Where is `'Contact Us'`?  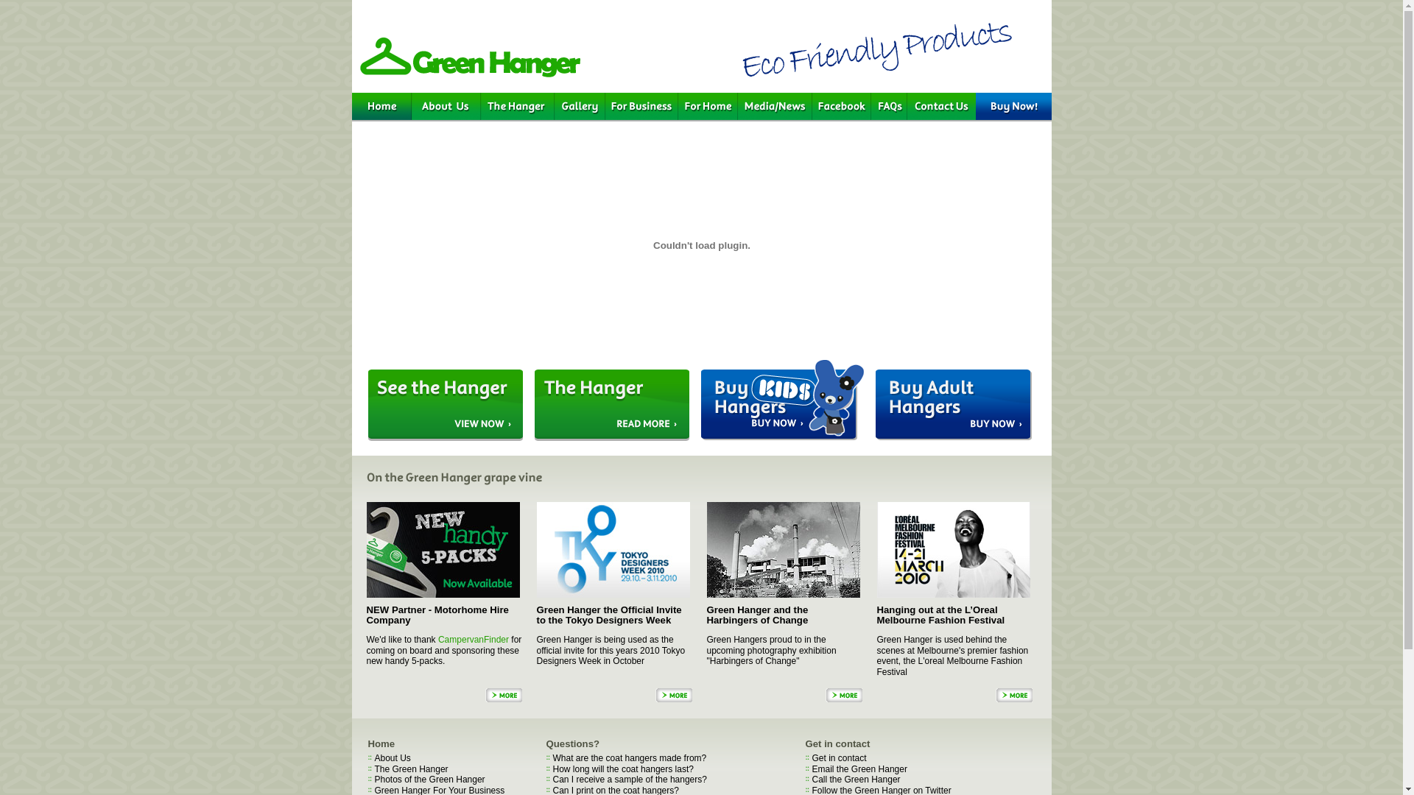 'Contact Us' is located at coordinates (940, 106).